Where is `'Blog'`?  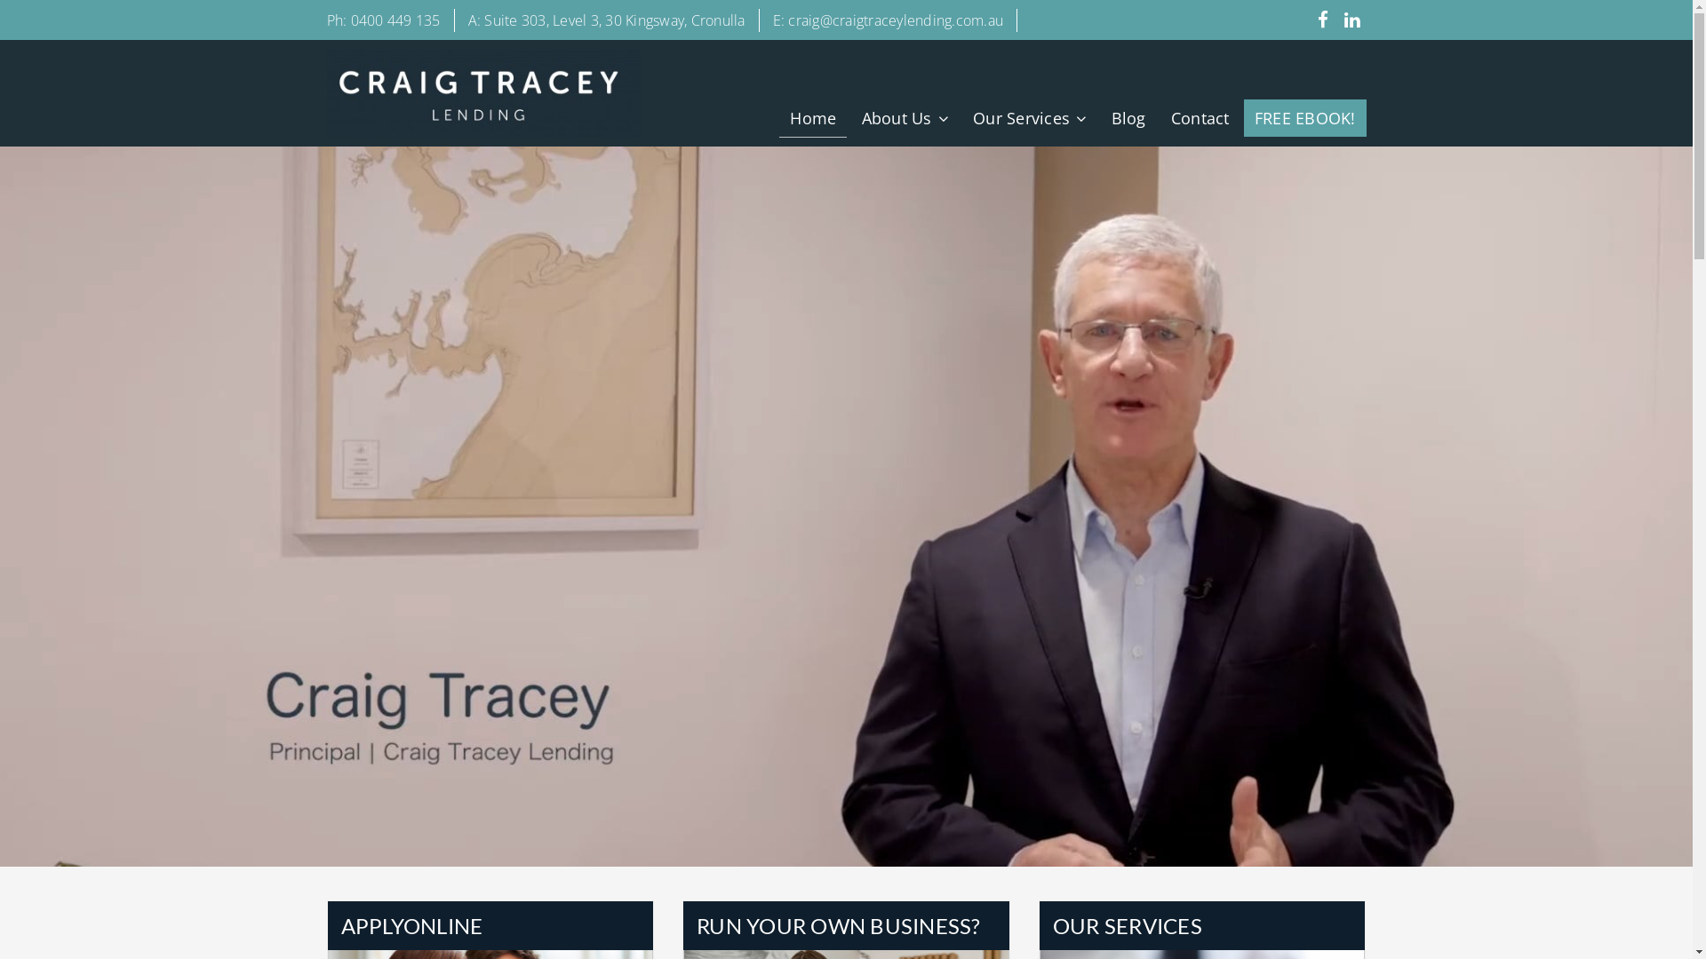 'Blog' is located at coordinates (1127, 117).